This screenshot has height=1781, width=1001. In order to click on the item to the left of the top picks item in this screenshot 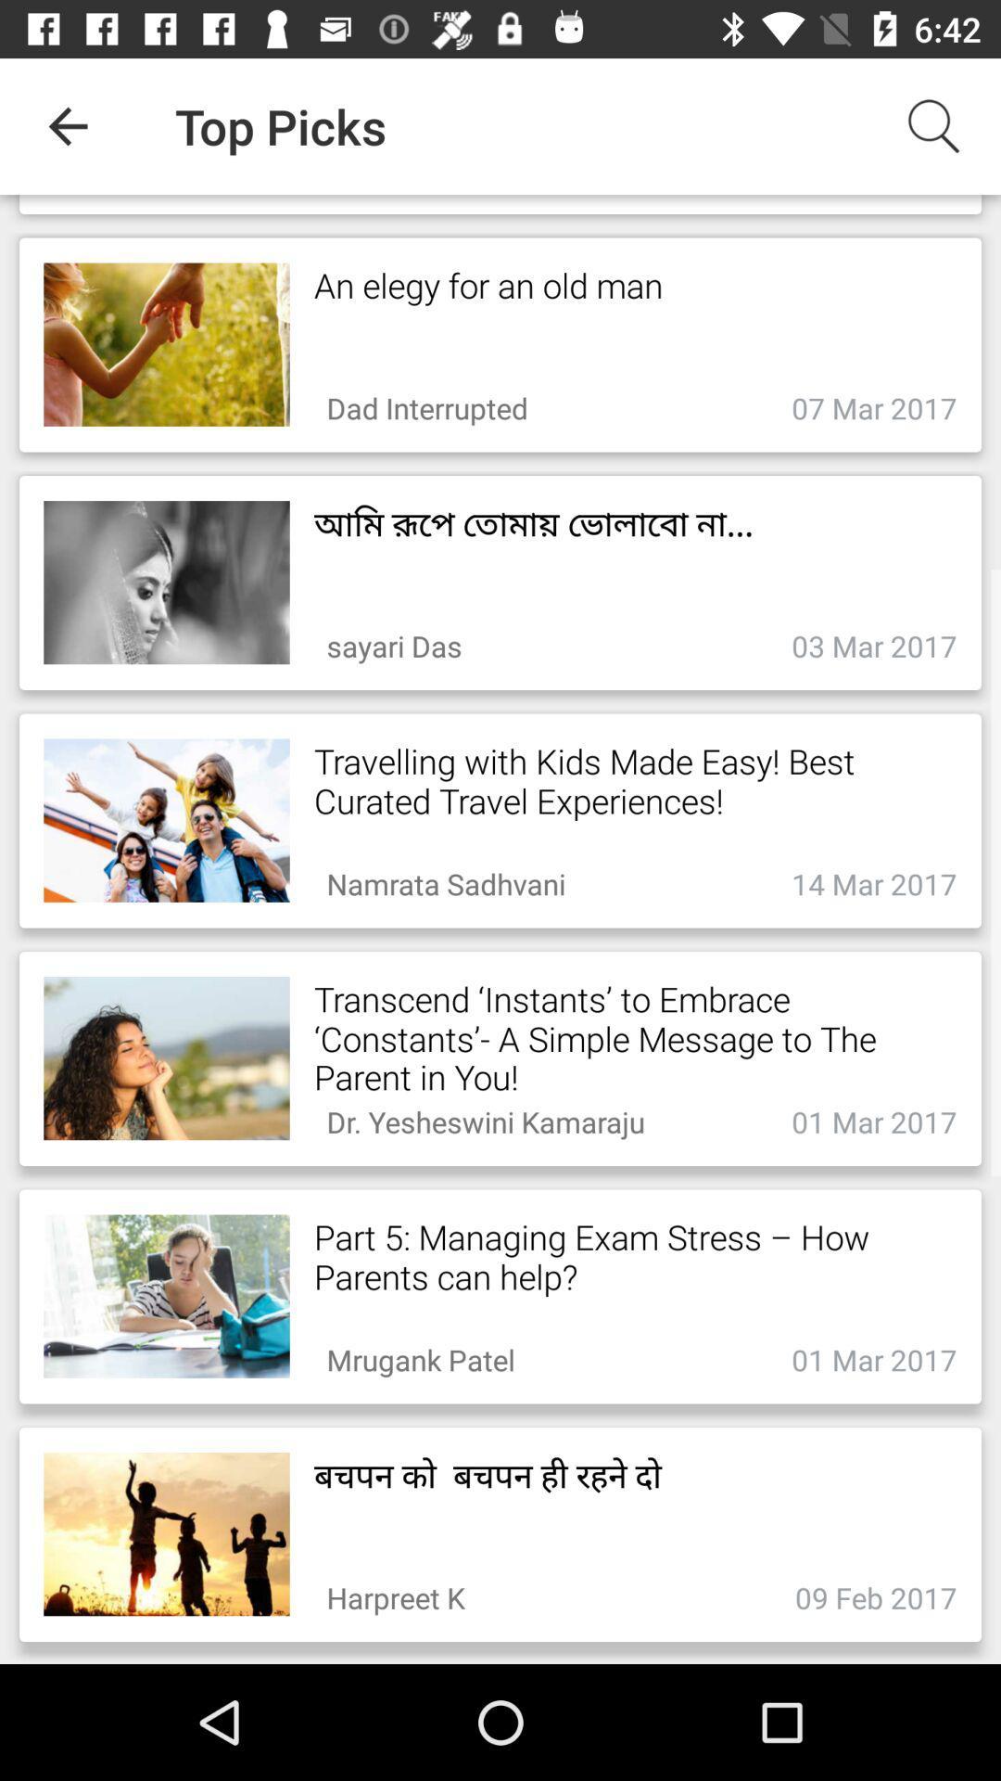, I will do `click(67, 125)`.